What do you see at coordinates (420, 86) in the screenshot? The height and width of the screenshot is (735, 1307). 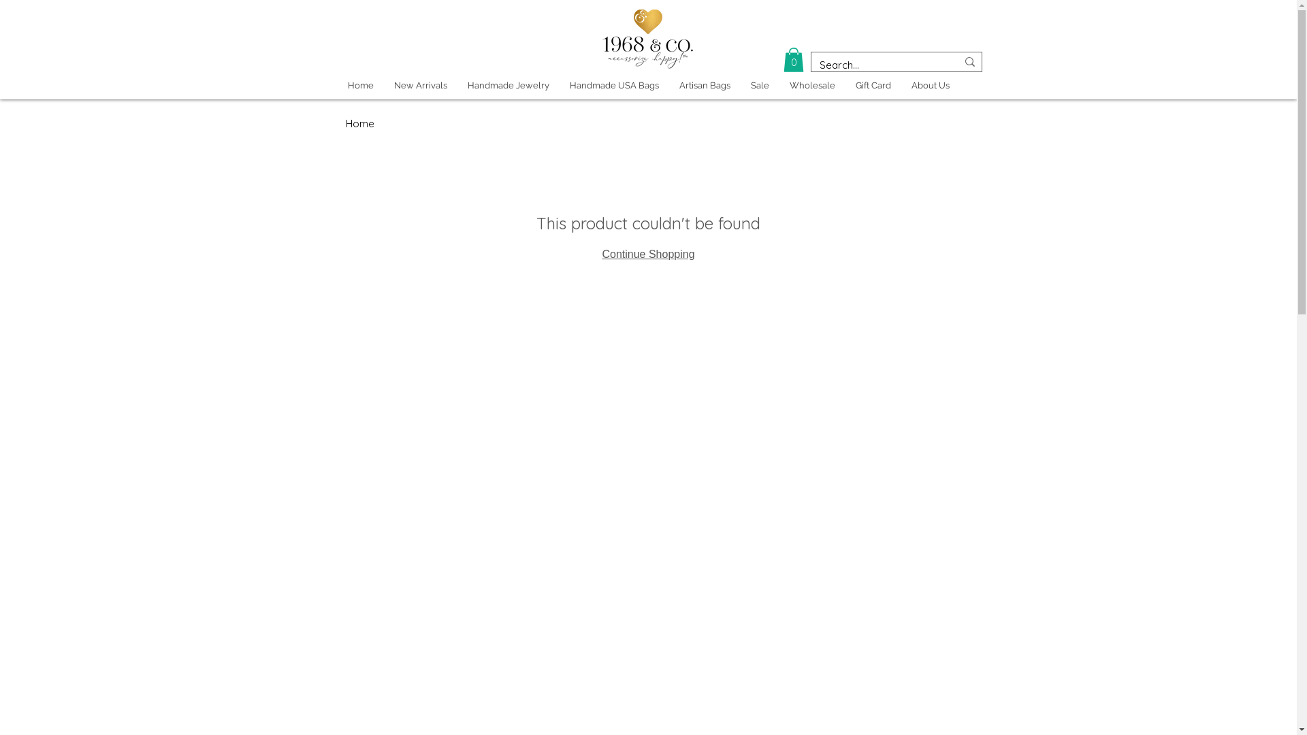 I see `'New Arrivals'` at bounding box center [420, 86].